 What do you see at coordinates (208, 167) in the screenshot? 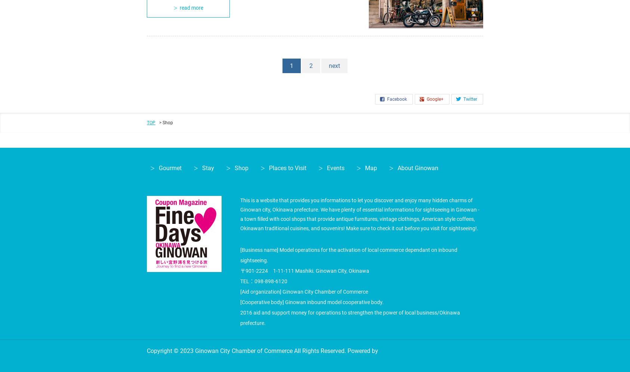
I see `'Stay'` at bounding box center [208, 167].